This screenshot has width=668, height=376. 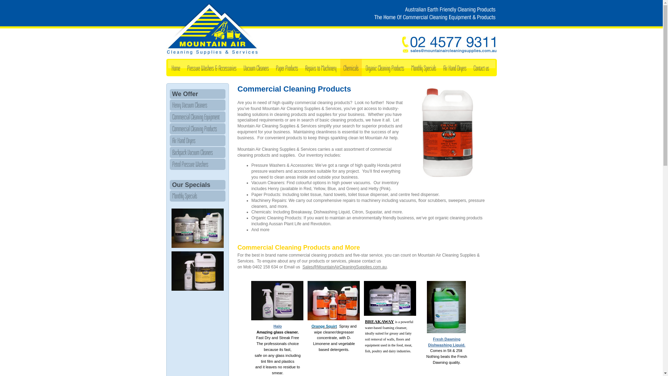 I want to click on 'Petrol Pressure Washers', so click(x=197, y=164).